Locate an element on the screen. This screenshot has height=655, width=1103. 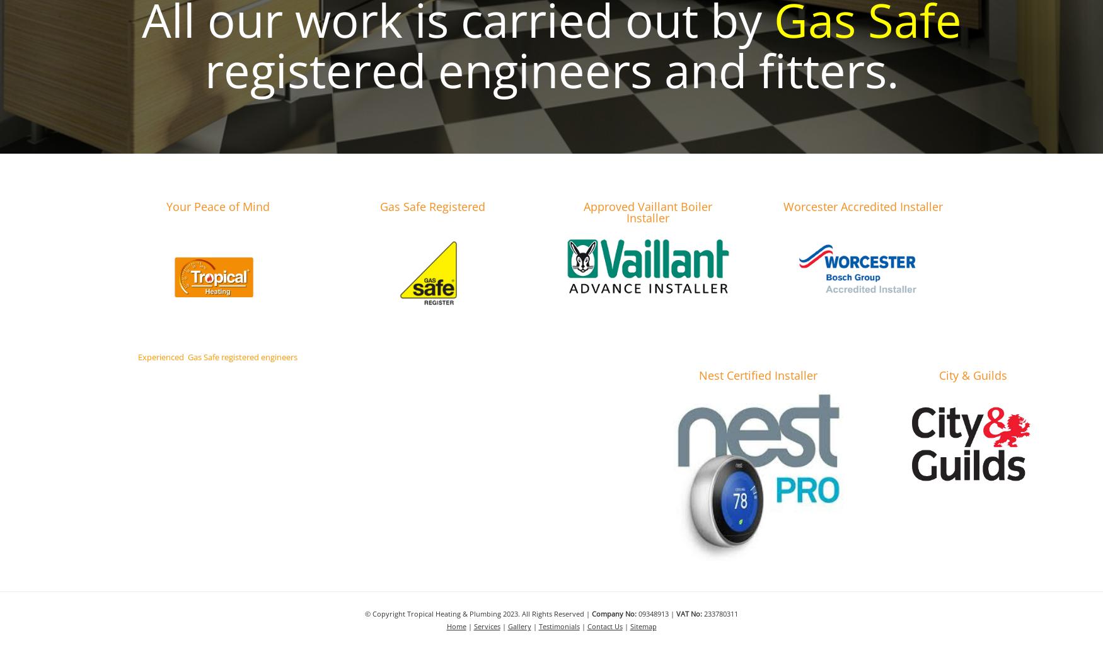
'233780311' is located at coordinates (719, 613).